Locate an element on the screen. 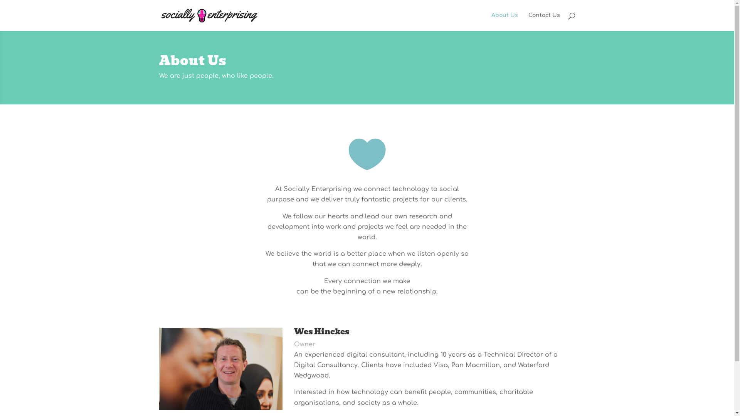 Image resolution: width=740 pixels, height=416 pixels. 'About Us' is located at coordinates (504, 21).